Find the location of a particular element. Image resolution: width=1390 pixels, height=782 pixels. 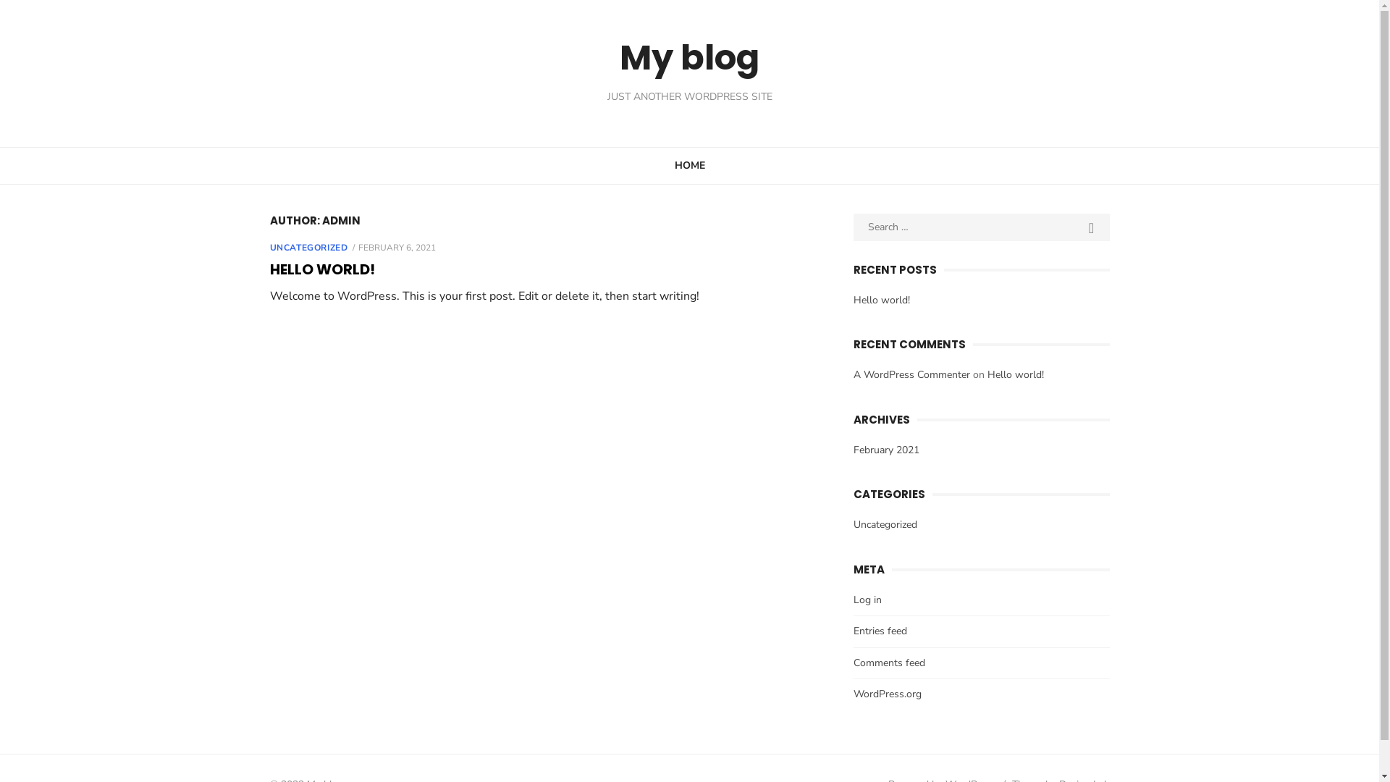

'Skip to content' is located at coordinates (0, 0).